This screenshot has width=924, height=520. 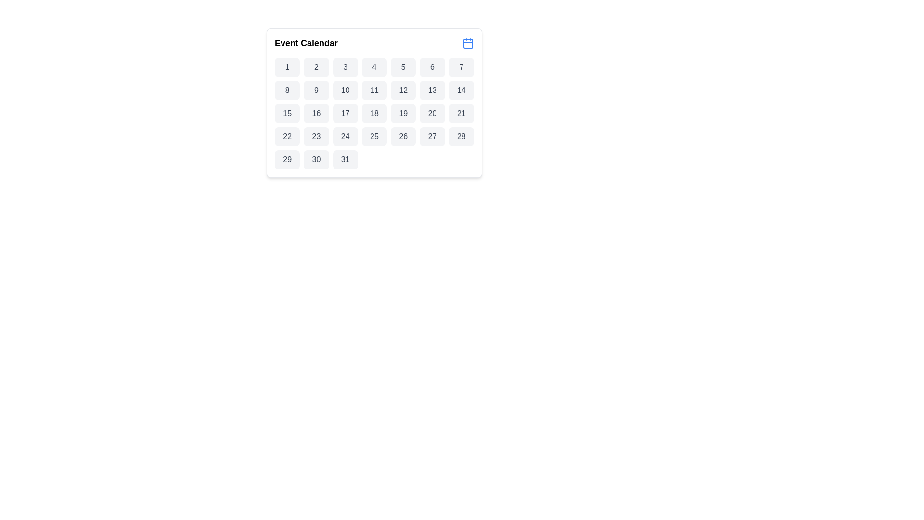 What do you see at coordinates (345, 66) in the screenshot?
I see `the button representing day '3'` at bounding box center [345, 66].